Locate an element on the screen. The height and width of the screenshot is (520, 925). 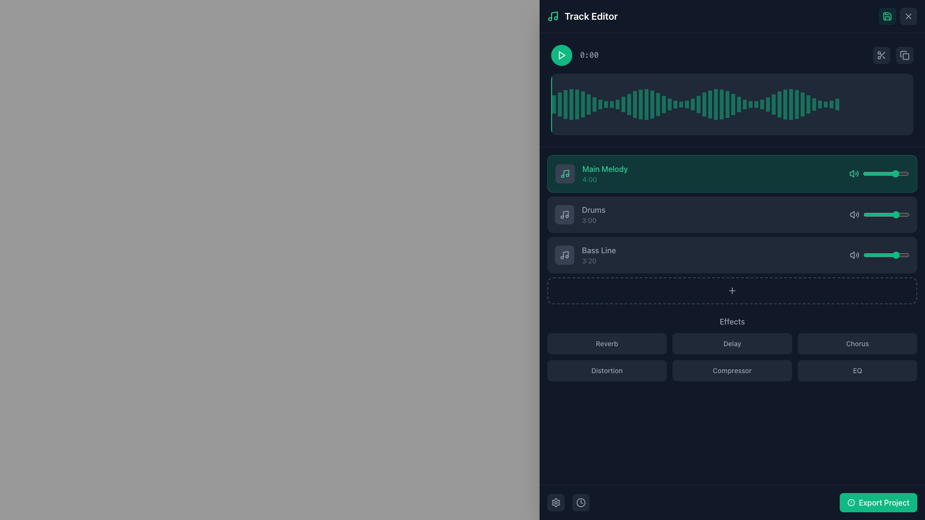
Circle SVG element, which is styled as an outline and is part of an alert icon located in the lower-right region of the interface is located at coordinates (851, 502).